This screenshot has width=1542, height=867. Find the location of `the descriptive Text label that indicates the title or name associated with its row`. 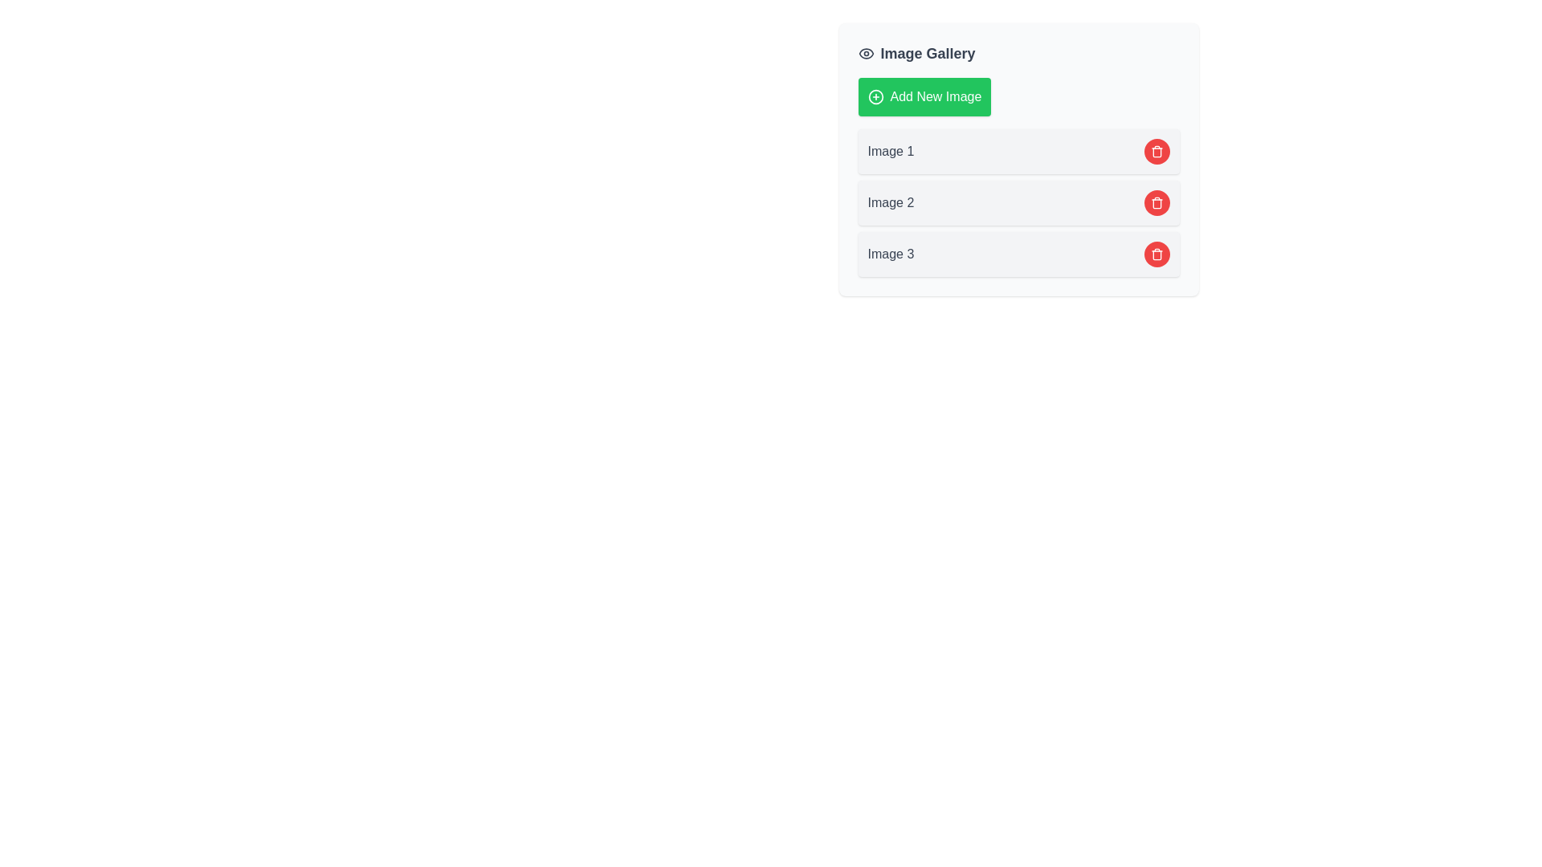

the descriptive Text label that indicates the title or name associated with its row is located at coordinates (890, 152).